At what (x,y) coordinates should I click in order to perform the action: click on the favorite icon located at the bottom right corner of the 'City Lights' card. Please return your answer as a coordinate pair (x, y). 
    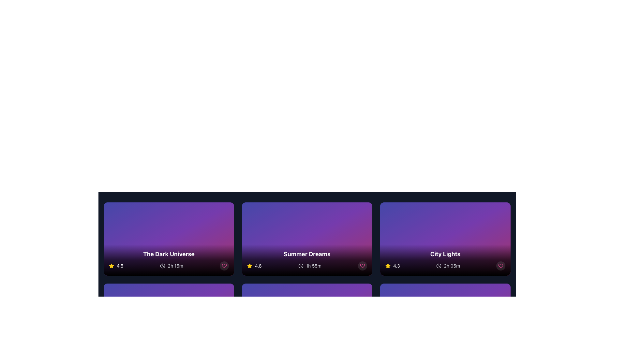
    Looking at the image, I should click on (500, 266).